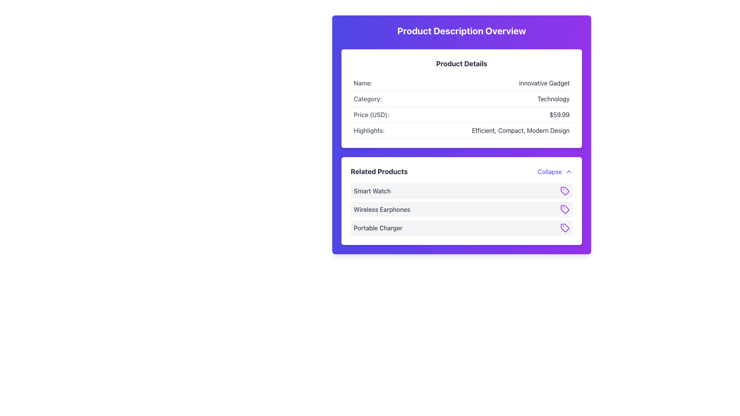 This screenshot has height=416, width=740. Describe the element at coordinates (367, 99) in the screenshot. I see `the static text label that indicates the product category, located to the left of the 'Technology' value in the 'Product Details' section` at that location.